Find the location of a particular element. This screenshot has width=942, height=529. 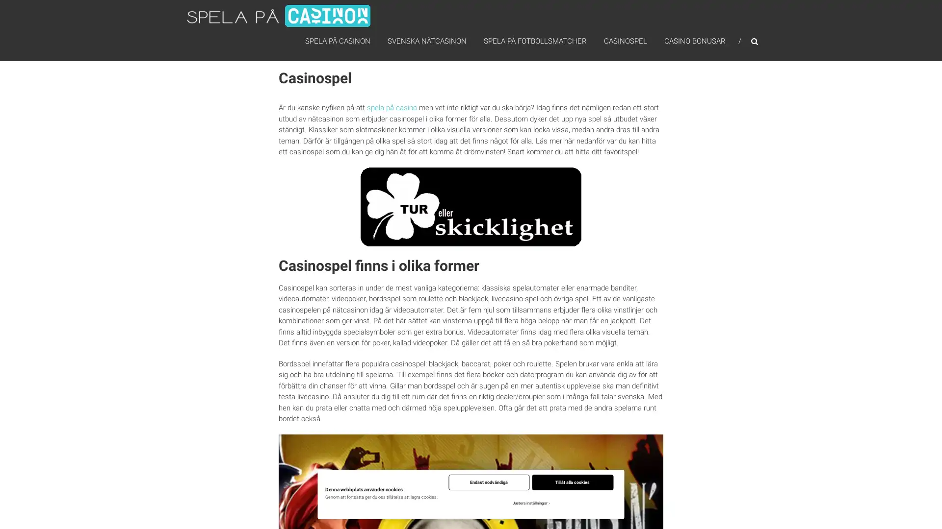

Endast nodvandiga is located at coordinates (489, 481).